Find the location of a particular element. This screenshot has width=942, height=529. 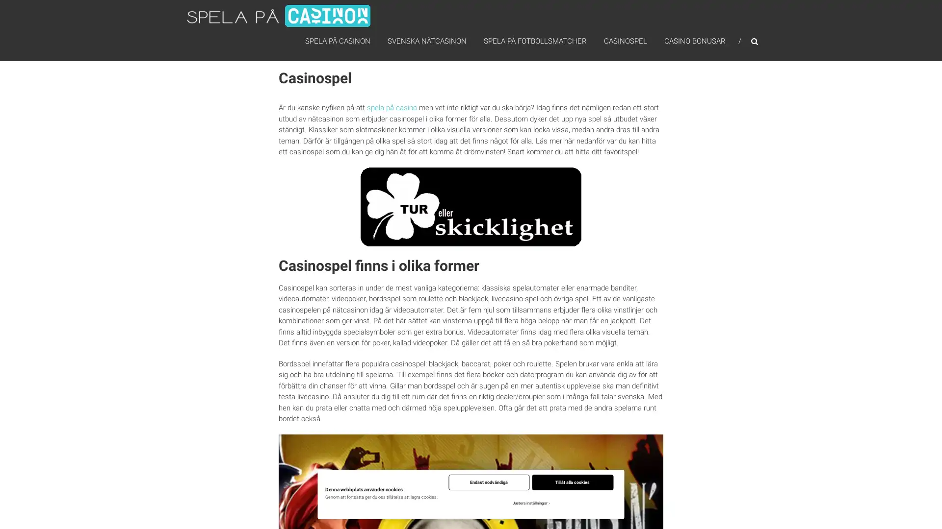

Endast nodvandiga is located at coordinates (489, 481).